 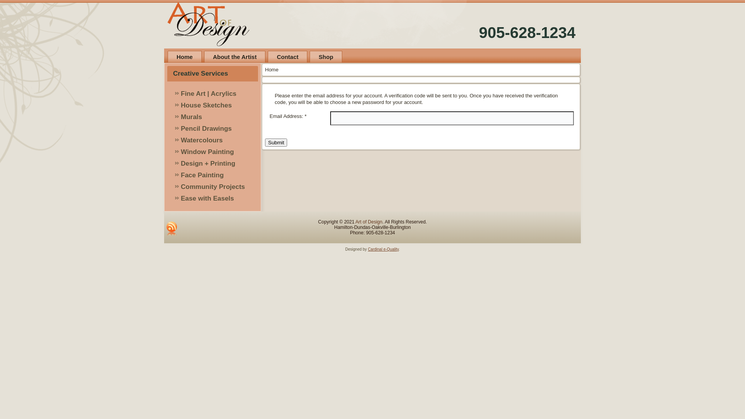 What do you see at coordinates (478, 32) in the screenshot?
I see `'905-628-1234'` at bounding box center [478, 32].